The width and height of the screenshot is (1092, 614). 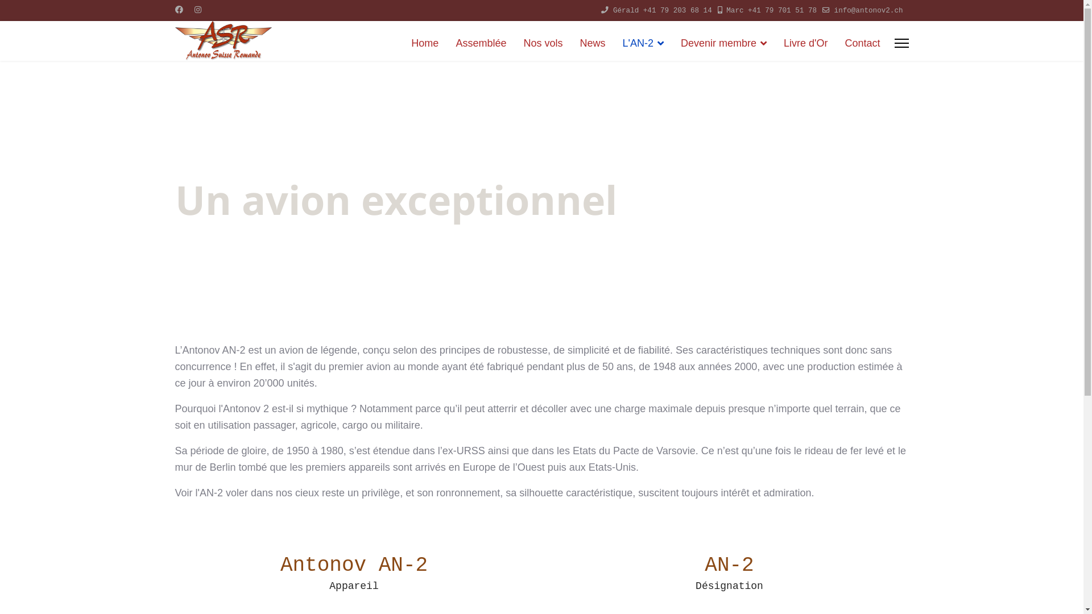 What do you see at coordinates (613, 43) in the screenshot?
I see `'L'AN-2'` at bounding box center [613, 43].